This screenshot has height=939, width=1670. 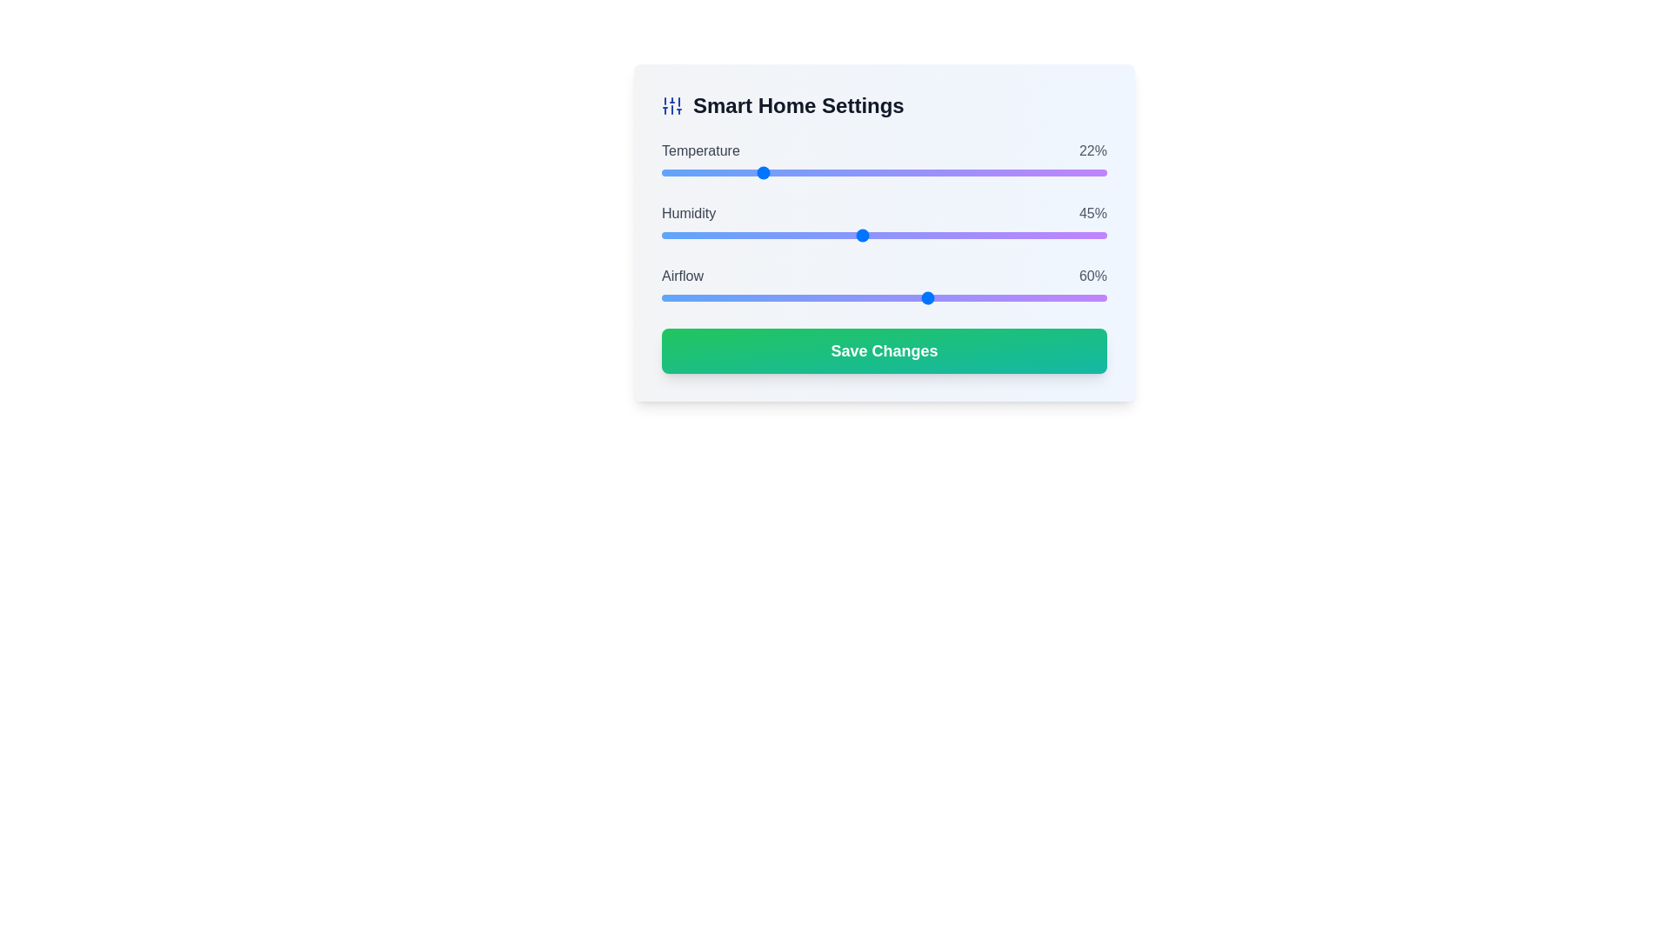 What do you see at coordinates (885, 223) in the screenshot?
I see `the handle of the 'Humidity' Range Slider, which is the middle slider in the 'Smart Home Settings' interface` at bounding box center [885, 223].